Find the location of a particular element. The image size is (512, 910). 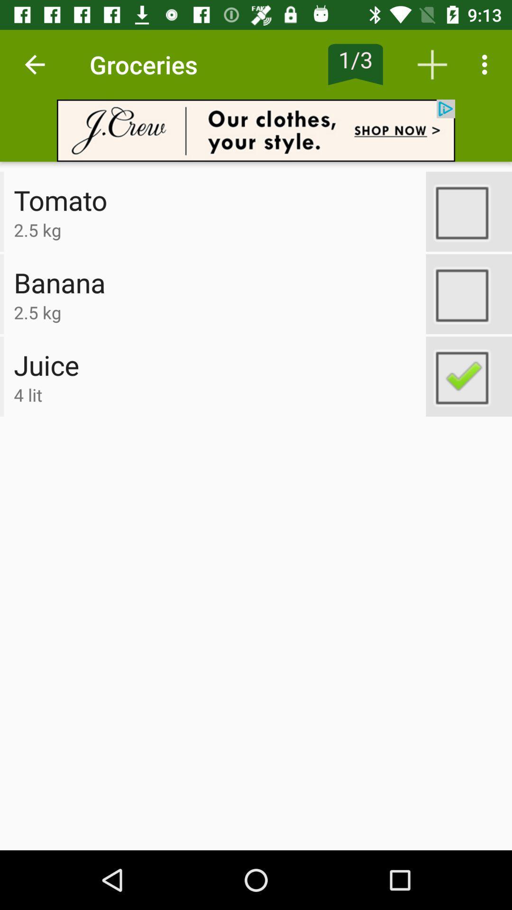

item is located at coordinates (468, 211).